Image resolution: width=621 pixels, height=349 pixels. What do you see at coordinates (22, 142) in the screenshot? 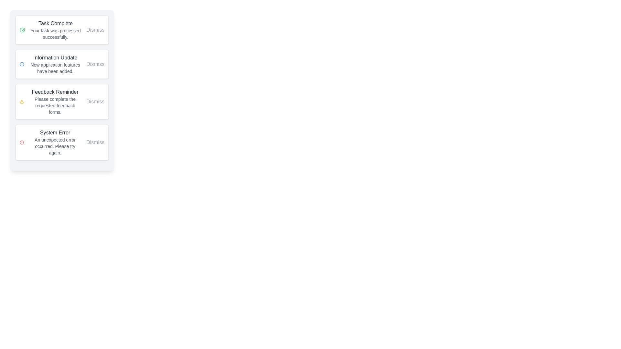
I see `the SVG circle shape that visually represents a border of a warning or error icon, located within the 'System Error' notification card, fourth in the list from the top` at bounding box center [22, 142].